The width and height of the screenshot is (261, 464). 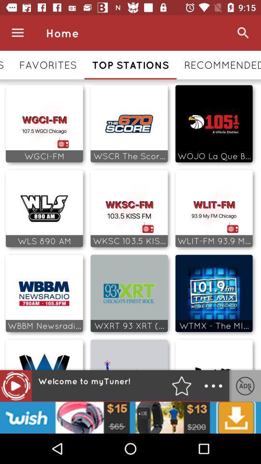 What do you see at coordinates (181, 386) in the screenshot?
I see `the star icon` at bounding box center [181, 386].